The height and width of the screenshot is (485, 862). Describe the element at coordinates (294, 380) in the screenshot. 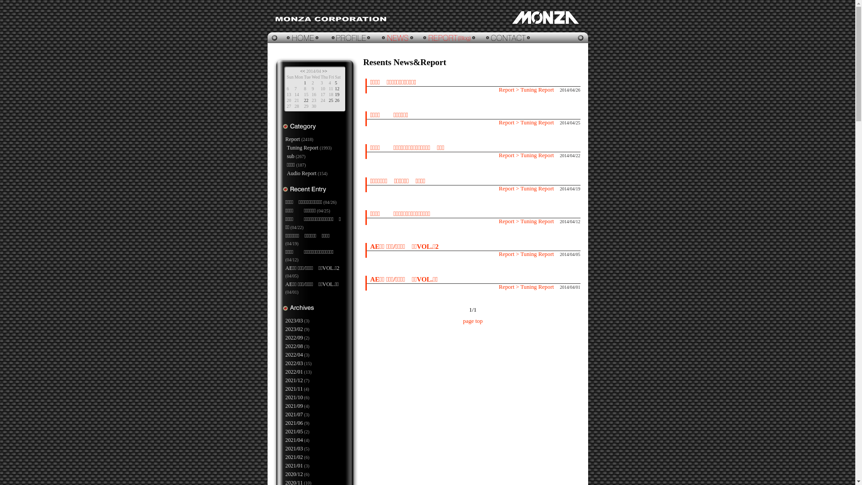

I see `'2021/12'` at that location.